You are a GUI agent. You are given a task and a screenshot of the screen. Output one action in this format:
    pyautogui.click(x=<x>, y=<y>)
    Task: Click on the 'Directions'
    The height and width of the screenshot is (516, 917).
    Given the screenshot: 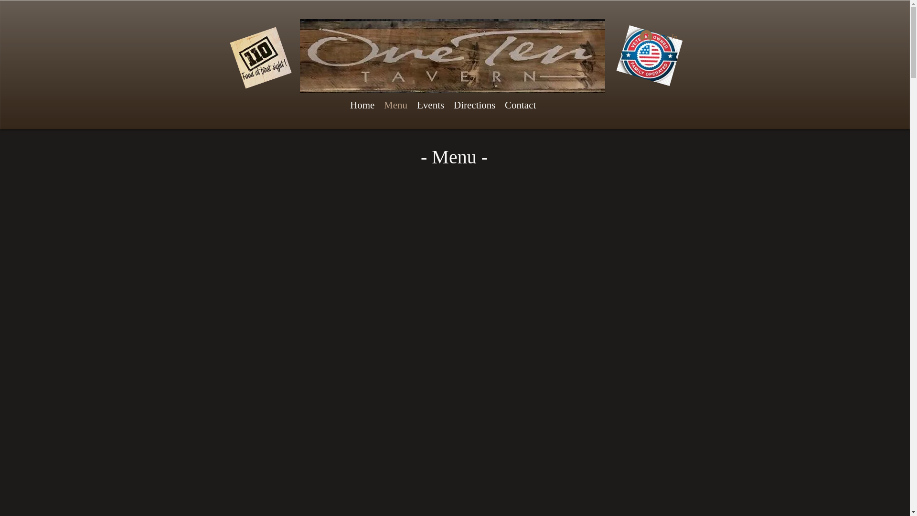 What is the action you would take?
    pyautogui.click(x=474, y=105)
    